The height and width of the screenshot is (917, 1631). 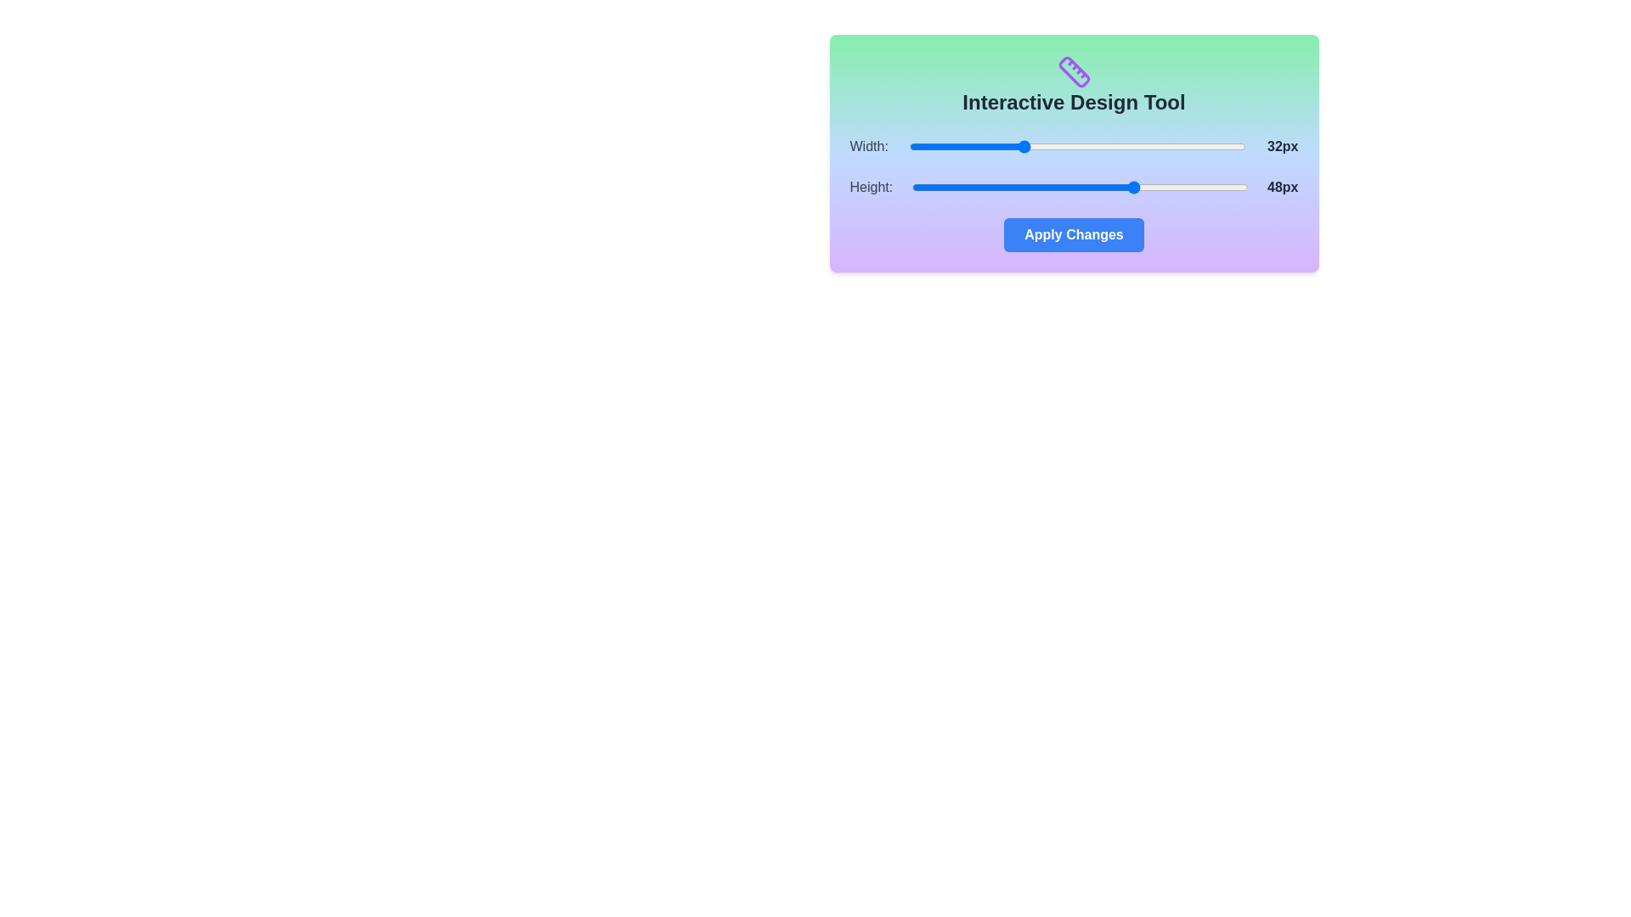 What do you see at coordinates (1002, 187) in the screenshot?
I see `the 'Height' slider to set its value to 29` at bounding box center [1002, 187].